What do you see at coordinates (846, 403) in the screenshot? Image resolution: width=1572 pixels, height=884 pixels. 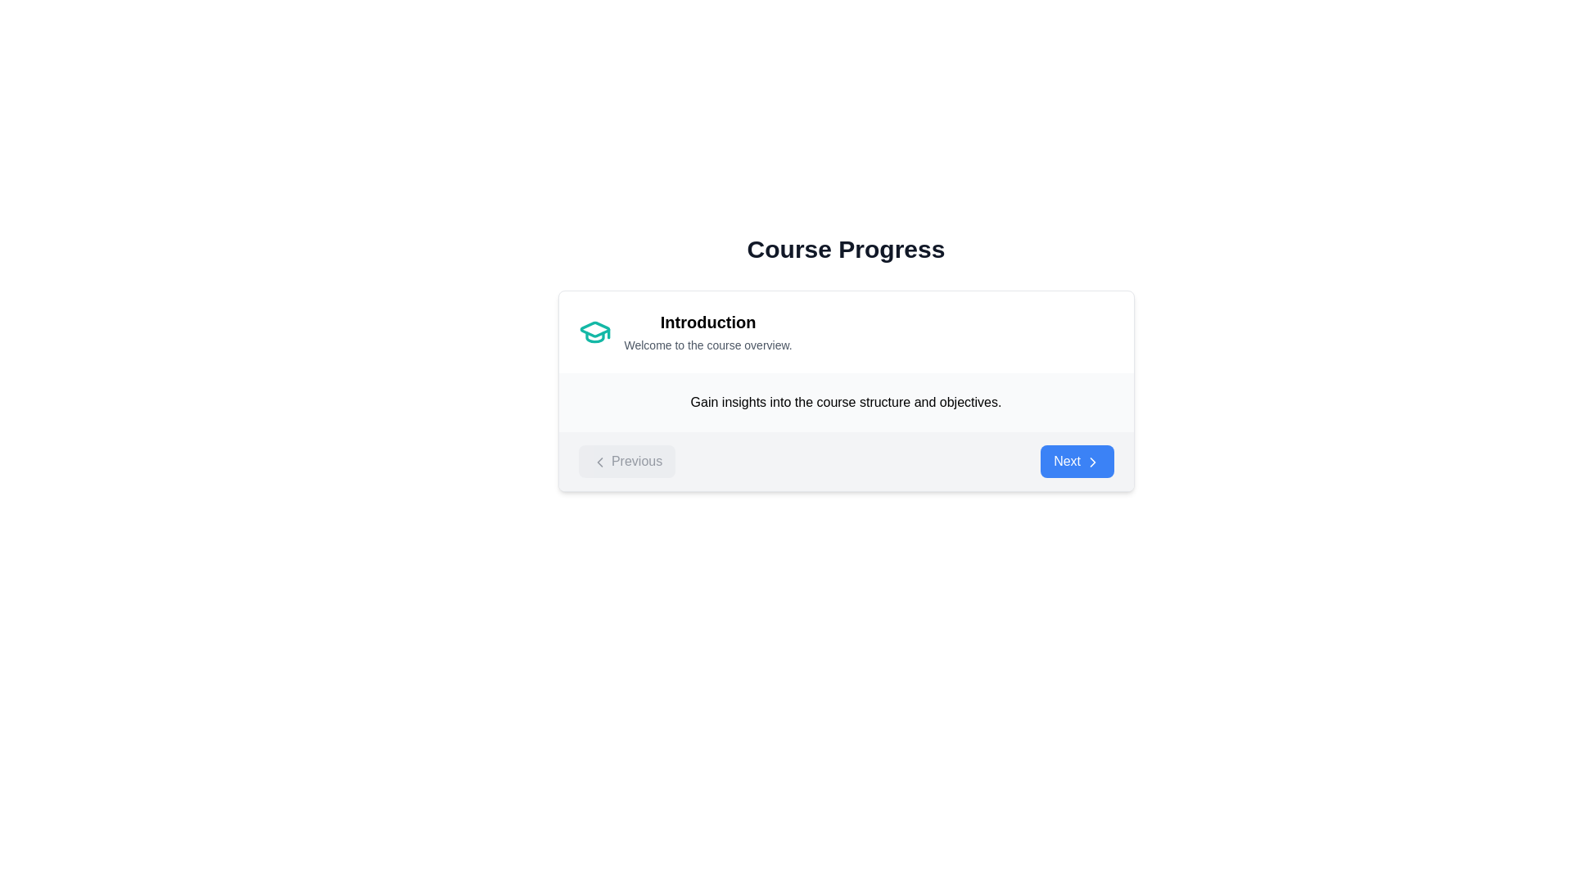 I see `the text content that provides additional information or context to the introduction section, located below the 'Introduction' section and above the navigation bar` at bounding box center [846, 403].